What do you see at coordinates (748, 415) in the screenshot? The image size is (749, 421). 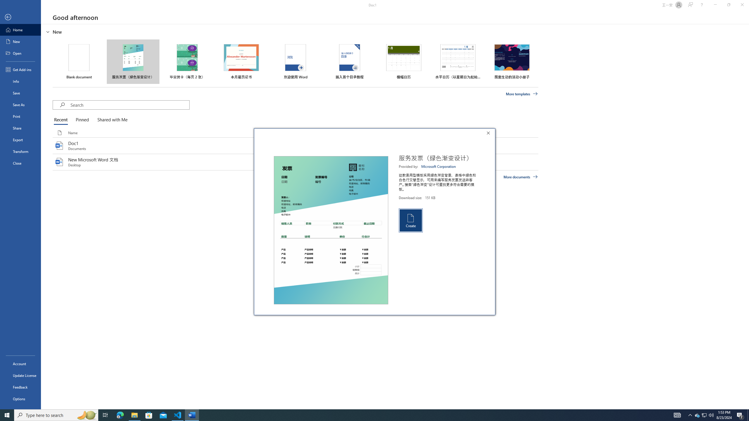 I see `'Show desktop'` at bounding box center [748, 415].